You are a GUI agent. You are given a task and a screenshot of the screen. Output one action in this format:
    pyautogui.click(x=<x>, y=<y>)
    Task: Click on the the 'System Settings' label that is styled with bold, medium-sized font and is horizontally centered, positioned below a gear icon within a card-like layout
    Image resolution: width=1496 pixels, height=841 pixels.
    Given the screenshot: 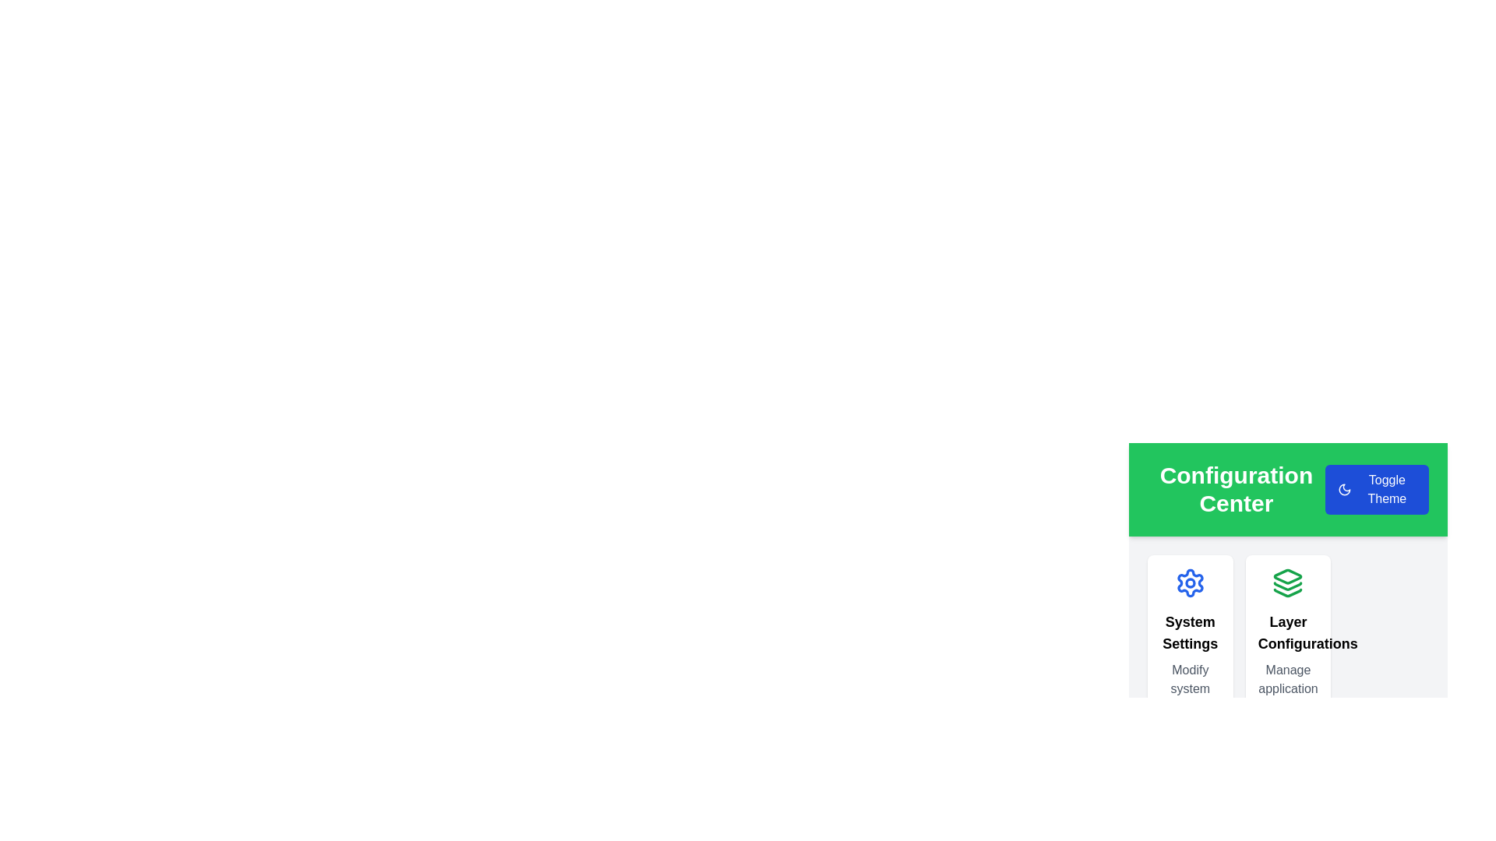 What is the action you would take?
    pyautogui.click(x=1189, y=633)
    